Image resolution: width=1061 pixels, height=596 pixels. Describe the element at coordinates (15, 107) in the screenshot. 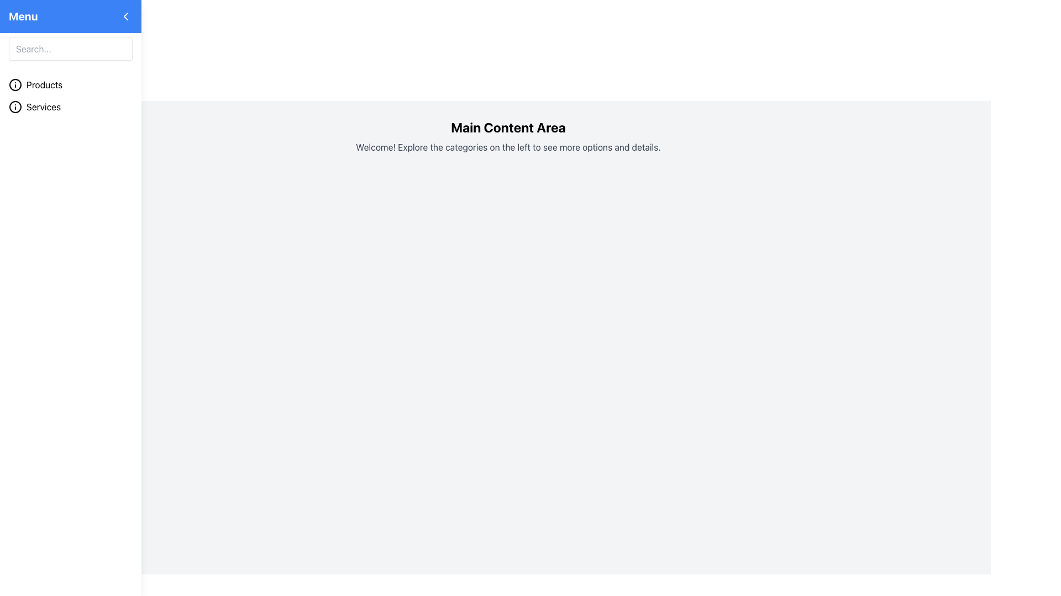

I see `the 'Services' icon located` at that location.